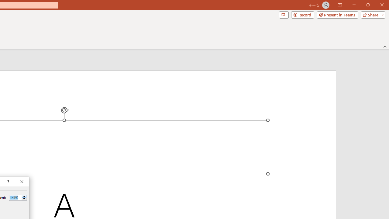 The image size is (389, 219). What do you see at coordinates (15, 197) in the screenshot?
I see `'Percent'` at bounding box center [15, 197].